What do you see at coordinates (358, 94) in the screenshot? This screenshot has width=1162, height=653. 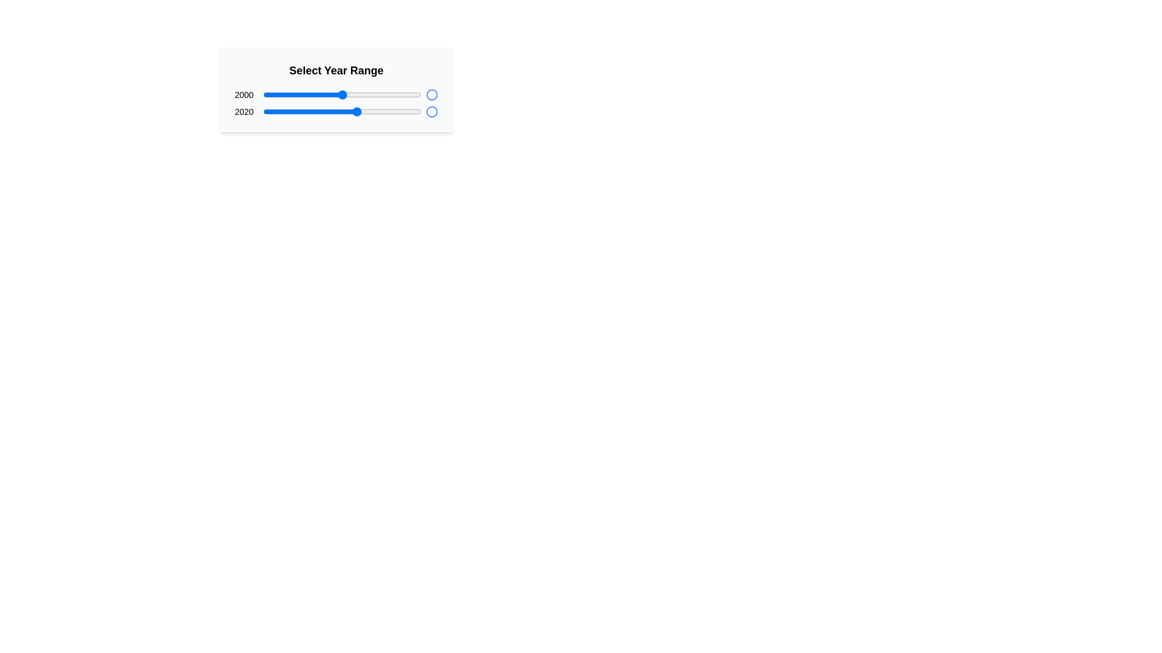 I see `the year` at bounding box center [358, 94].